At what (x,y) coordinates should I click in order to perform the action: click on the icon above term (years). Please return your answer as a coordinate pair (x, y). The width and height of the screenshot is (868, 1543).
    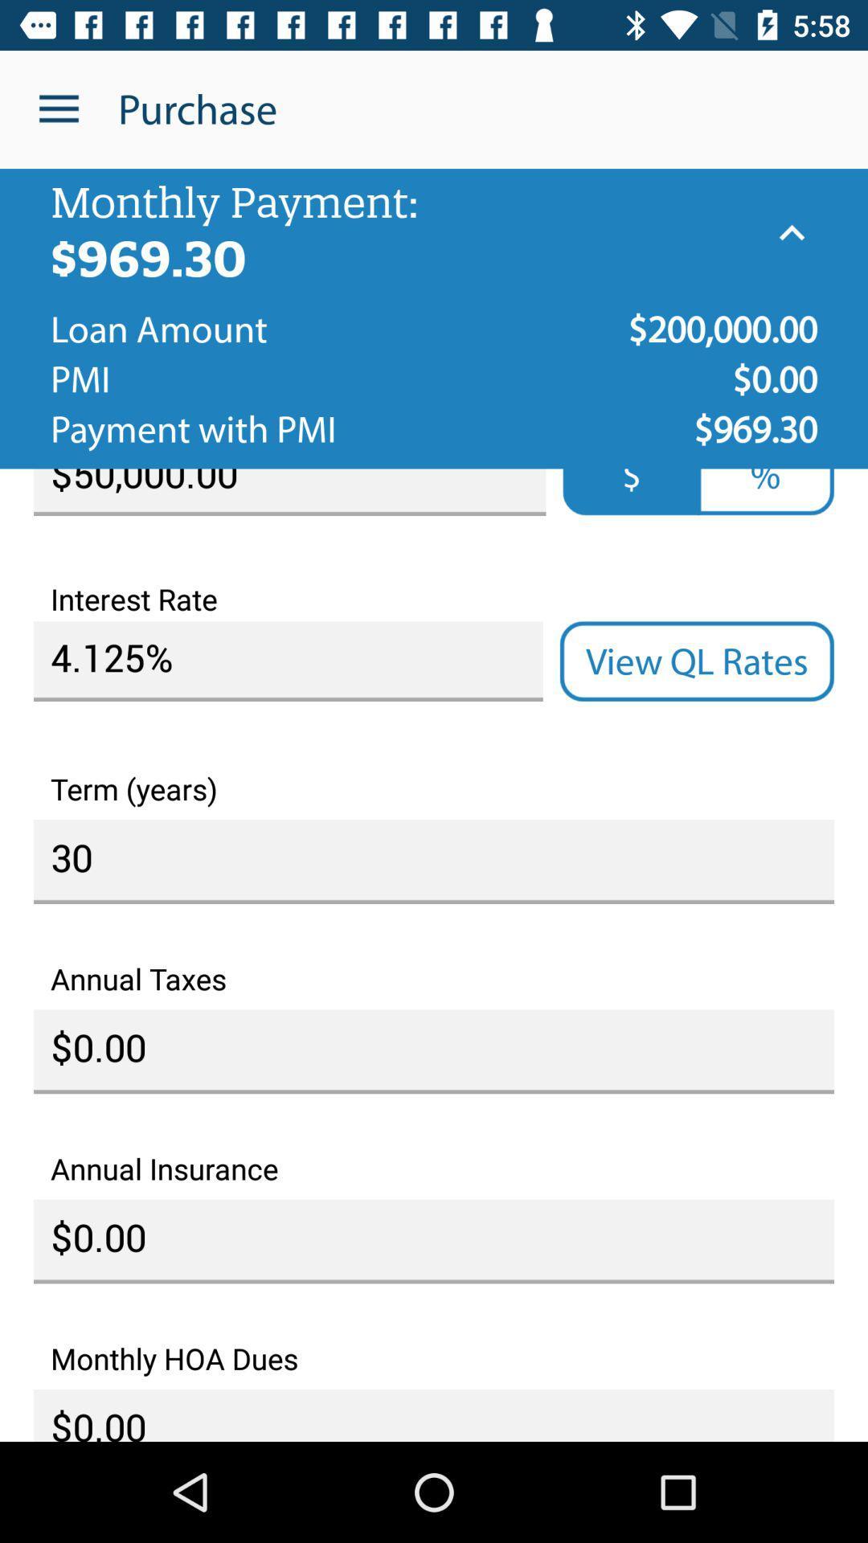
    Looking at the image, I should click on (287, 661).